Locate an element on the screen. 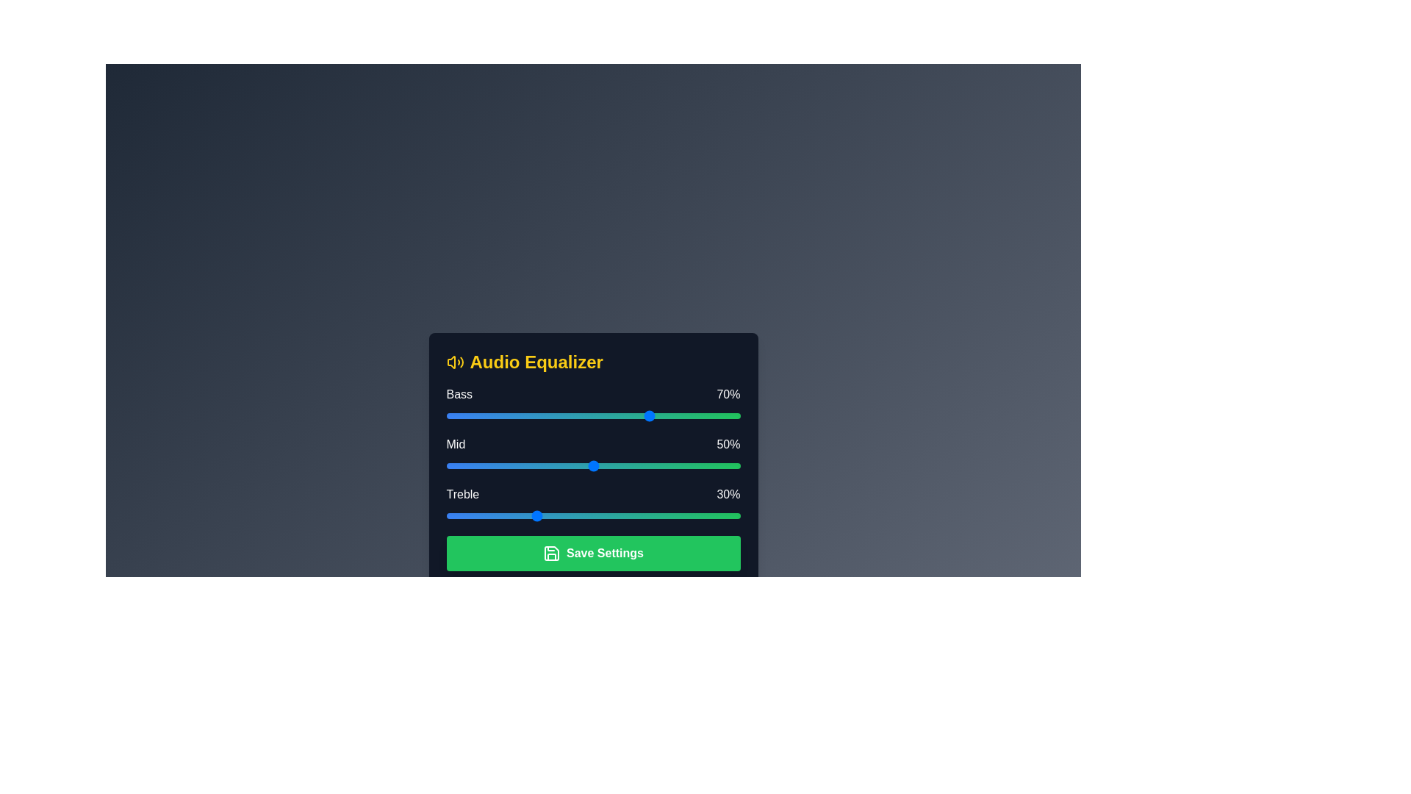  the 1 slider to 95% and observe the visual feedback is located at coordinates (725, 465).